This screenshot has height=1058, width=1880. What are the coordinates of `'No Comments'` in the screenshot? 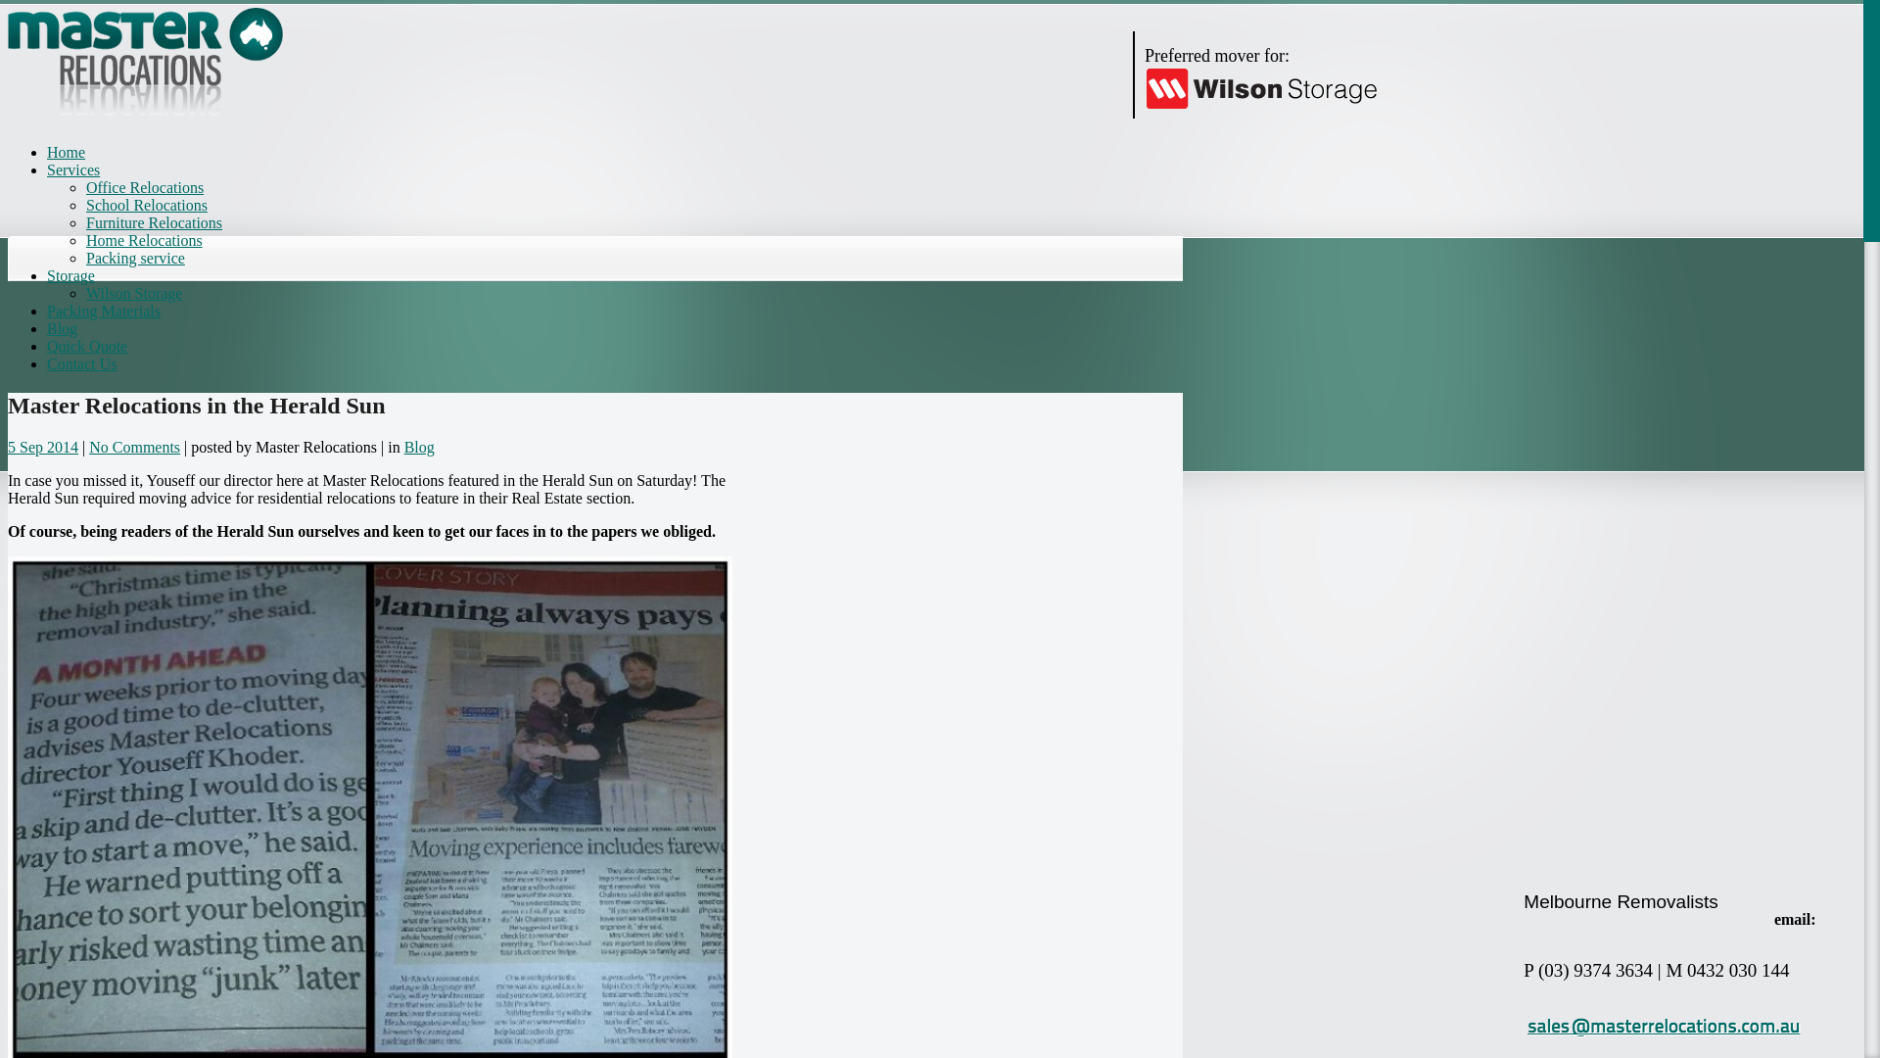 It's located at (133, 447).